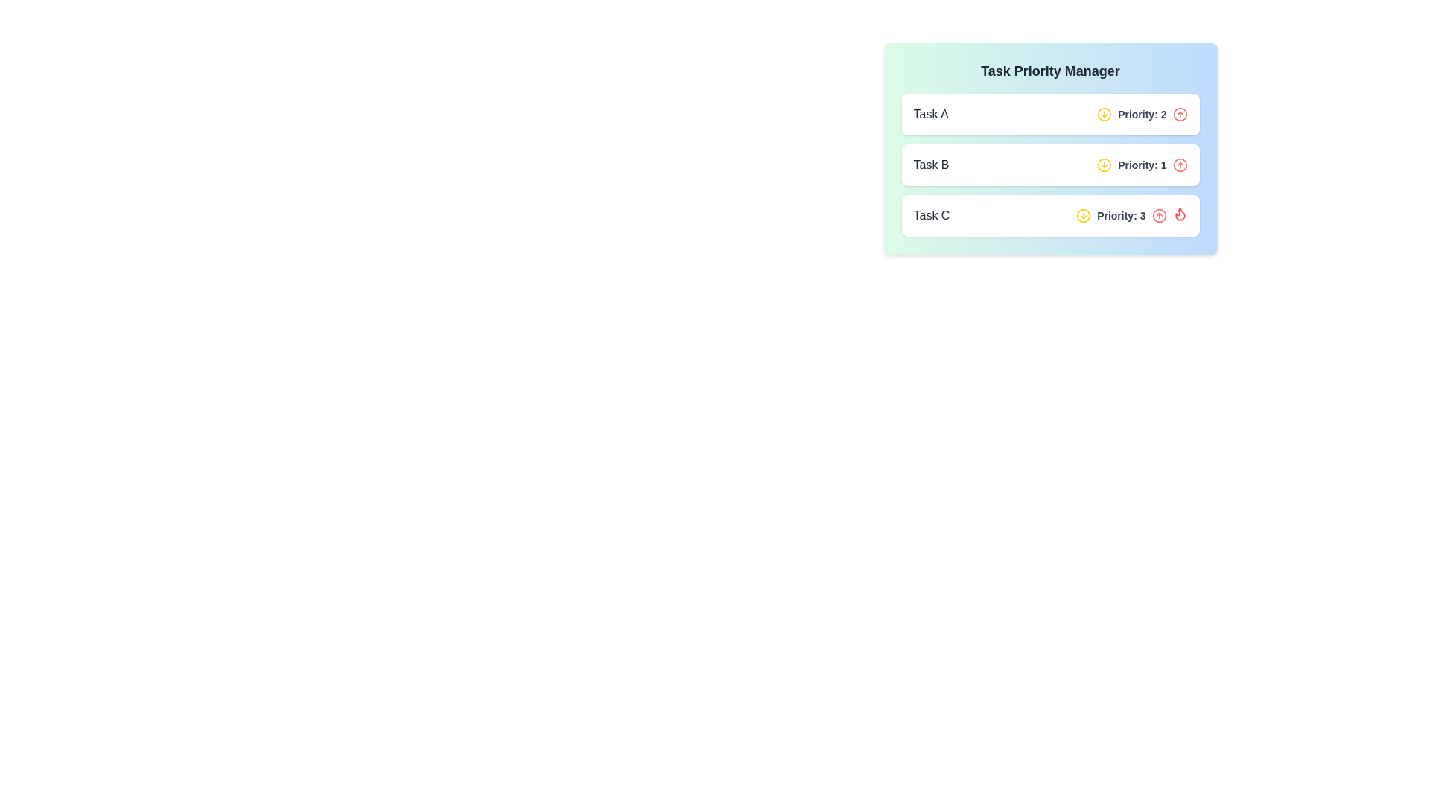 This screenshot has width=1430, height=804. Describe the element at coordinates (1105, 114) in the screenshot. I see `the first icon button in the 'Task Priority Manager' section, to the left of 'Priority: 2'` at that location.